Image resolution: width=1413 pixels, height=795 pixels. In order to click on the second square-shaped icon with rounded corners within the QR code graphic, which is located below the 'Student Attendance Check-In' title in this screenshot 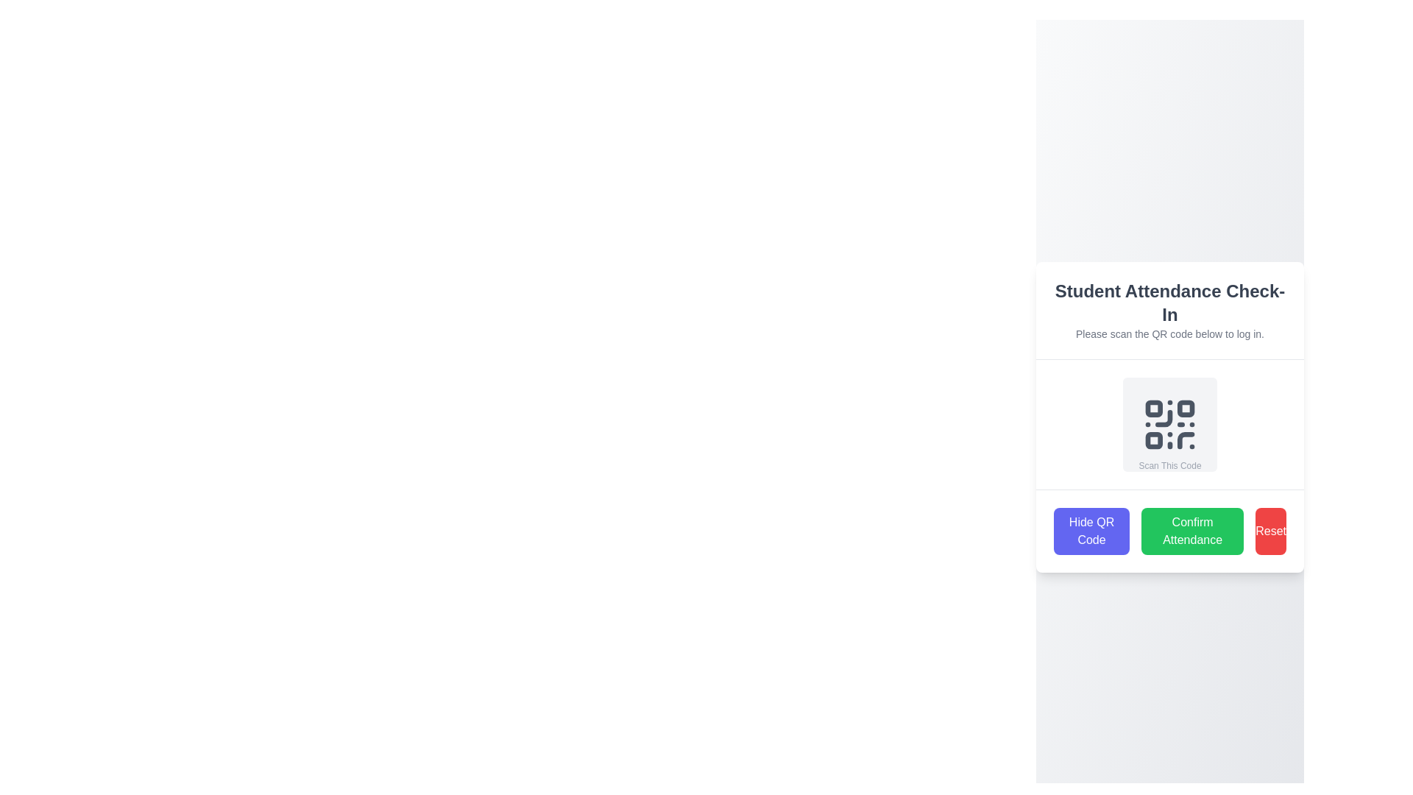, I will do `click(1186, 409)`.